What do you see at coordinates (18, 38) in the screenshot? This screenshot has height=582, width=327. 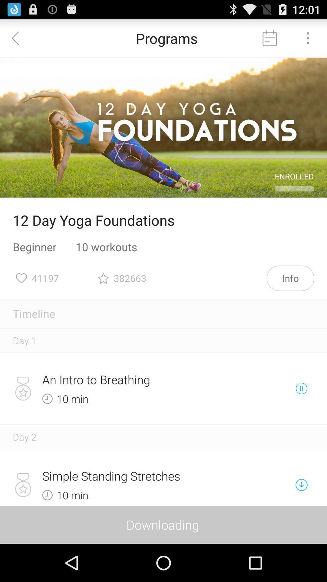 I see `go back` at bounding box center [18, 38].